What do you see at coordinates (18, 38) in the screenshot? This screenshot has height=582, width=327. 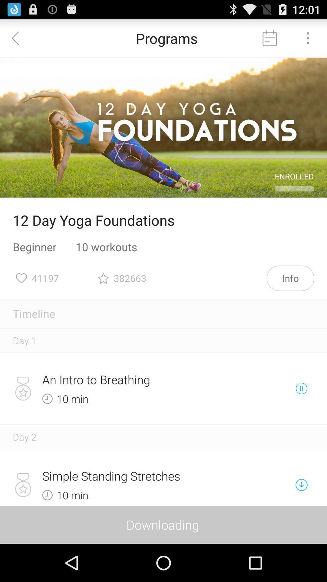 I see `go back` at bounding box center [18, 38].